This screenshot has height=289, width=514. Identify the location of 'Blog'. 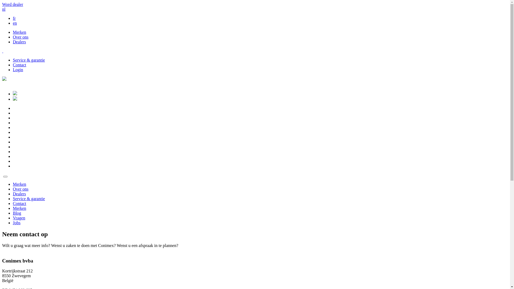
(13, 213).